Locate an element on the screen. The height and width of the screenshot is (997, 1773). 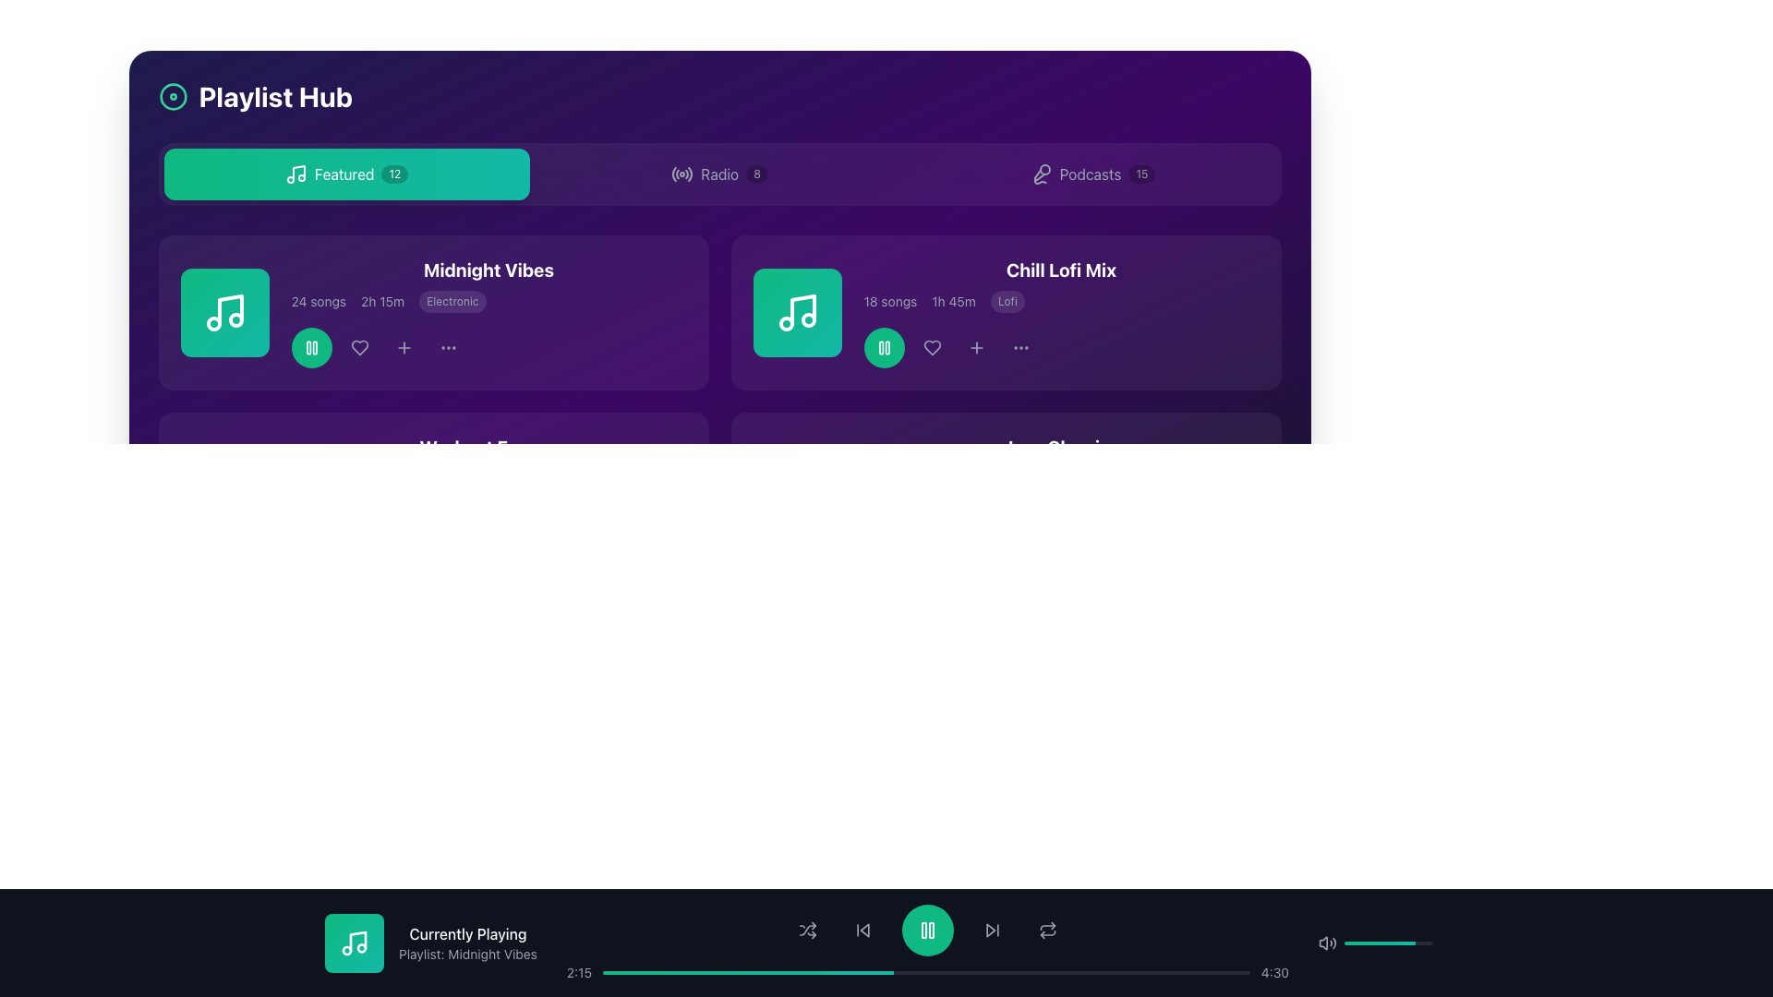
the icon button represented by three horizontally aligned gray dots that change to white upon hover, located in the playlist item 'Midnight Vibes' is located at coordinates (448, 348).